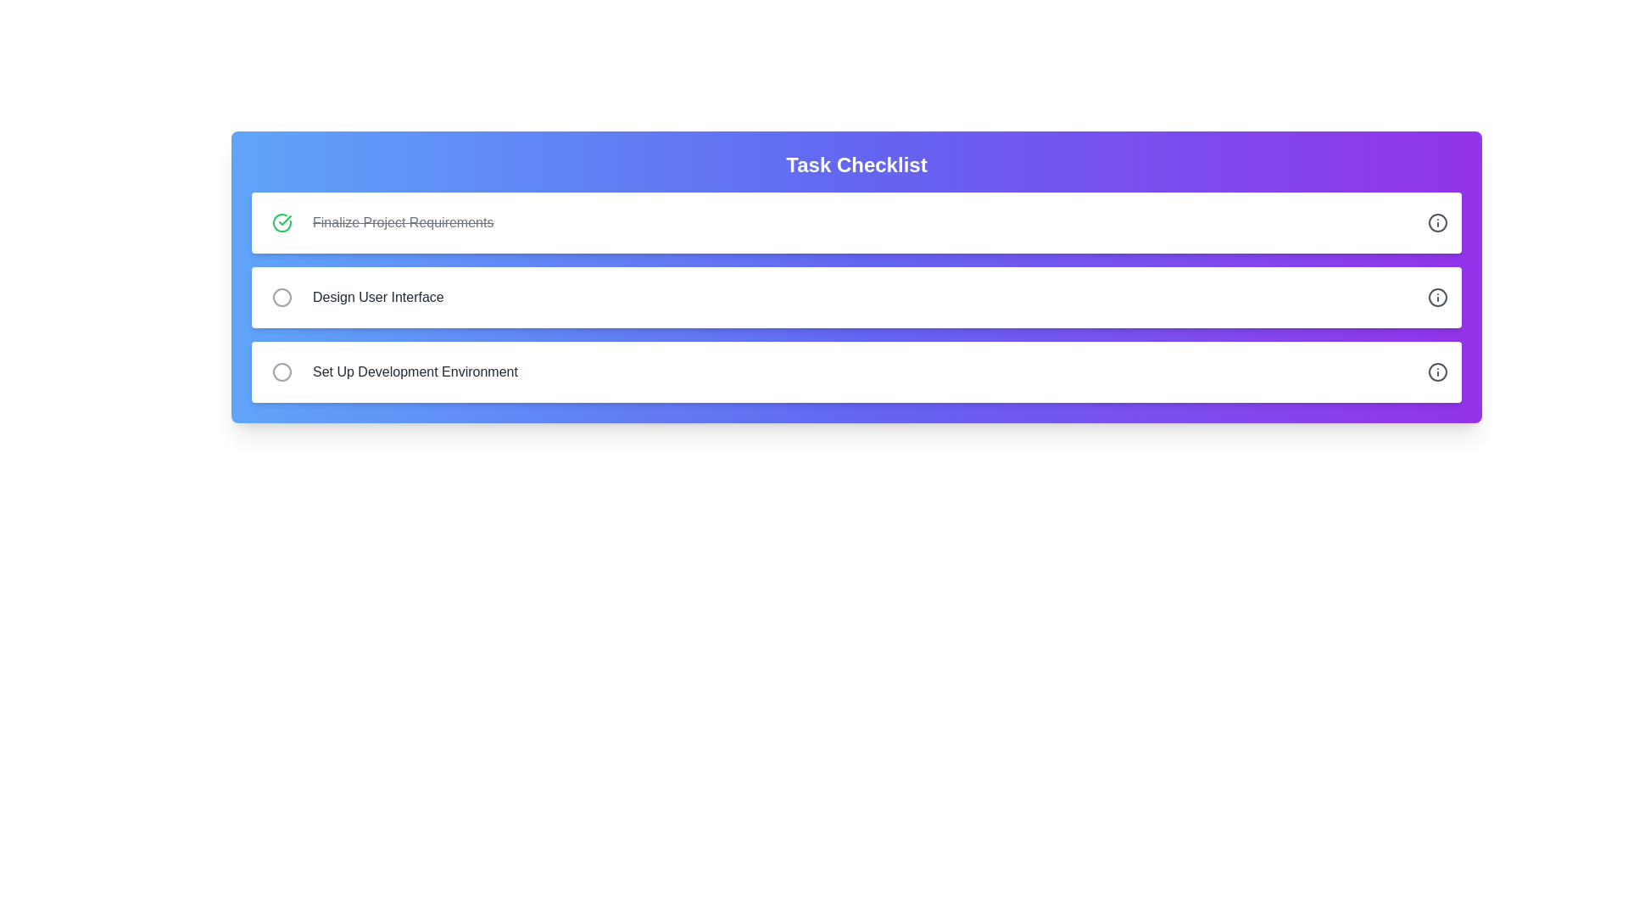 This screenshot has height=916, width=1628. Describe the element at coordinates (1436, 371) in the screenshot. I see `the information icon for the task titled 'Set Up Development Environment'` at that location.